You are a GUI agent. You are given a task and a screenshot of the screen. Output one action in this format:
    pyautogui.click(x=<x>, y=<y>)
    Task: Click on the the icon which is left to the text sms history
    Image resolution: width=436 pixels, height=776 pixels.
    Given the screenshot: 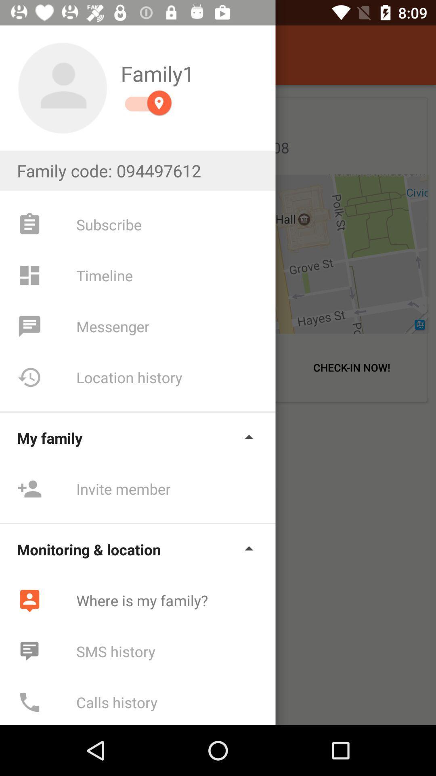 What is the action you would take?
    pyautogui.click(x=29, y=651)
    